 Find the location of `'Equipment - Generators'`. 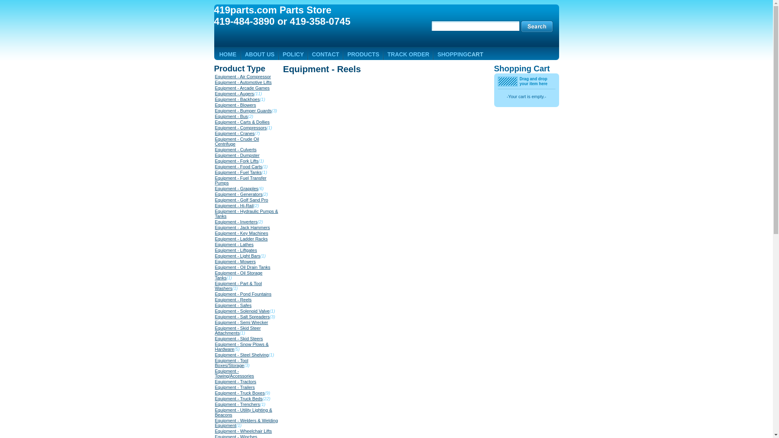

'Equipment - Generators' is located at coordinates (215, 194).